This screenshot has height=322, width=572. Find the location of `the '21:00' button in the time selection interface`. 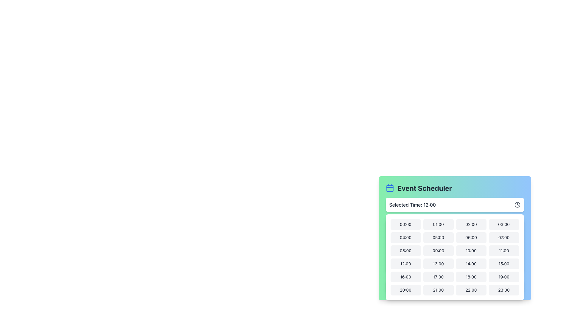

the '21:00' button in the time selection interface is located at coordinates (438, 290).